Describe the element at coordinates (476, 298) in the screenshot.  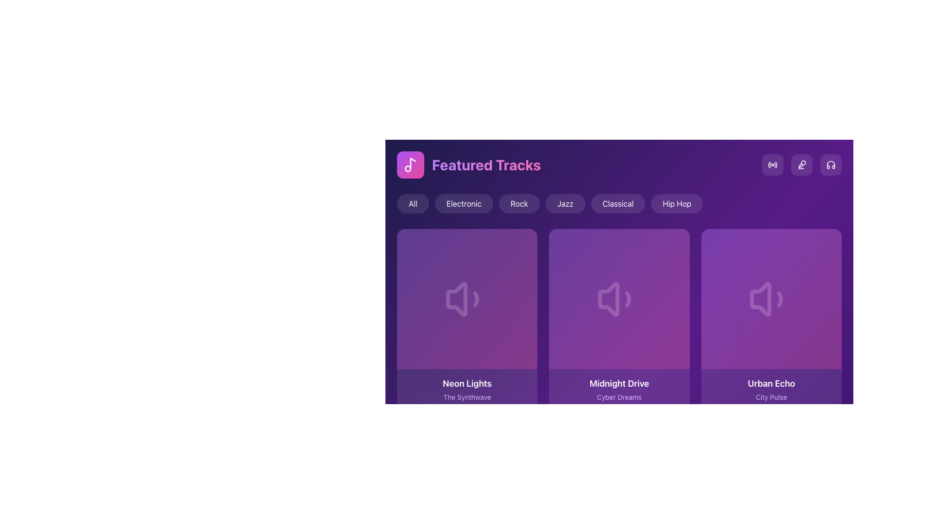
I see `the decorative sound waves icon located to the right of the main speaker icon within the first card in the interface` at that location.